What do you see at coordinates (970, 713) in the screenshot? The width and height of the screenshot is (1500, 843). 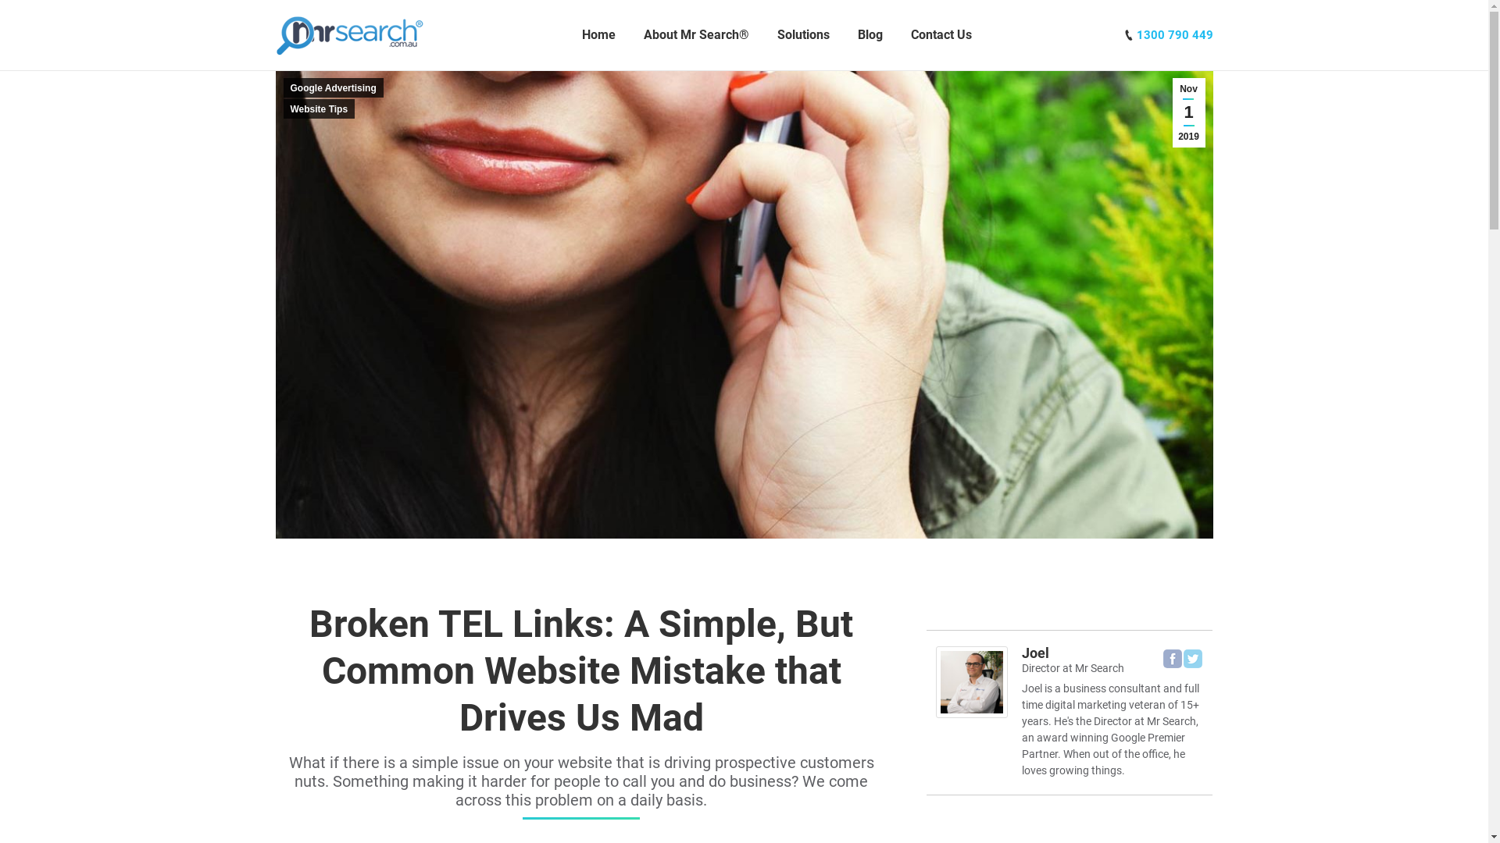 I see `'Joel'` at bounding box center [970, 713].